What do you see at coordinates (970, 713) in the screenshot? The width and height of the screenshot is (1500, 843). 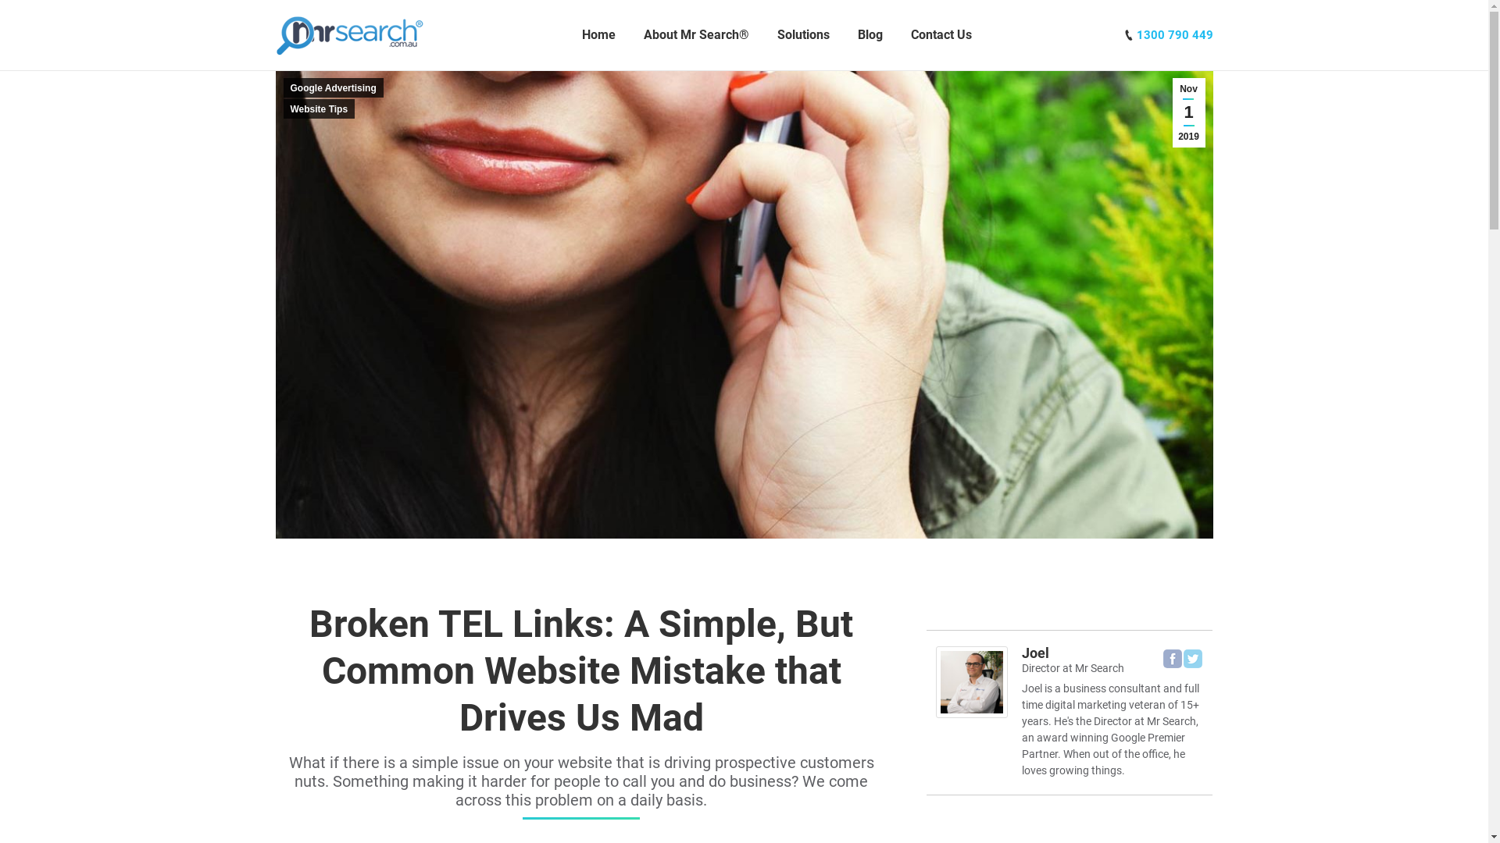 I see `'Joel'` at bounding box center [970, 713].